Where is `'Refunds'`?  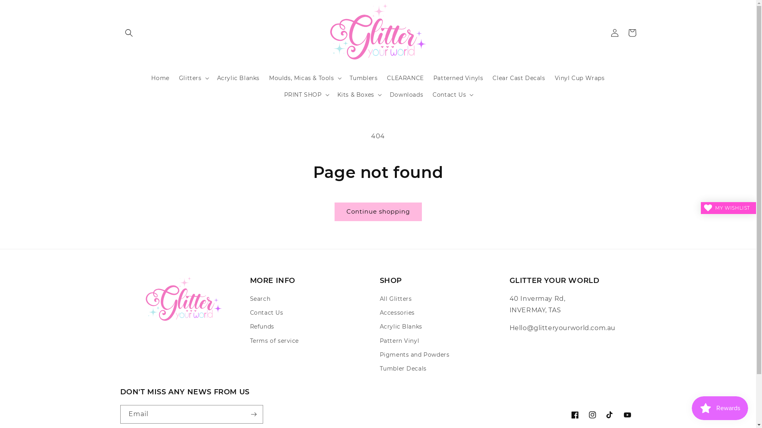
'Refunds' is located at coordinates (262, 327).